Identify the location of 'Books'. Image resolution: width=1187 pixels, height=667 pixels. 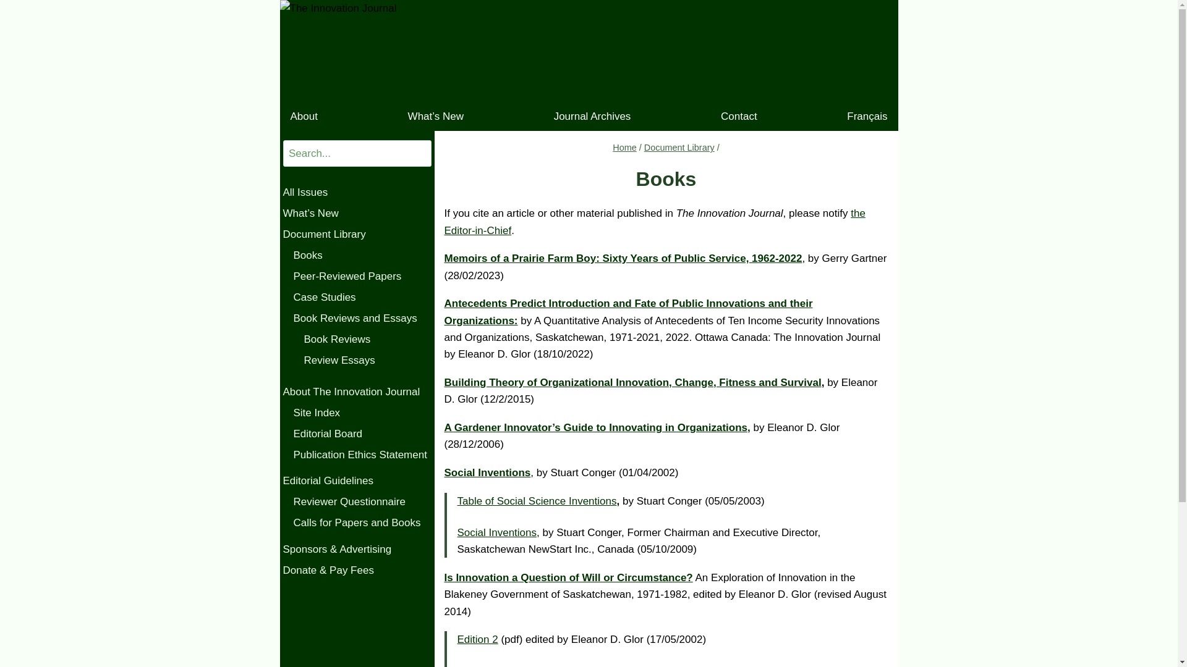
(361, 254).